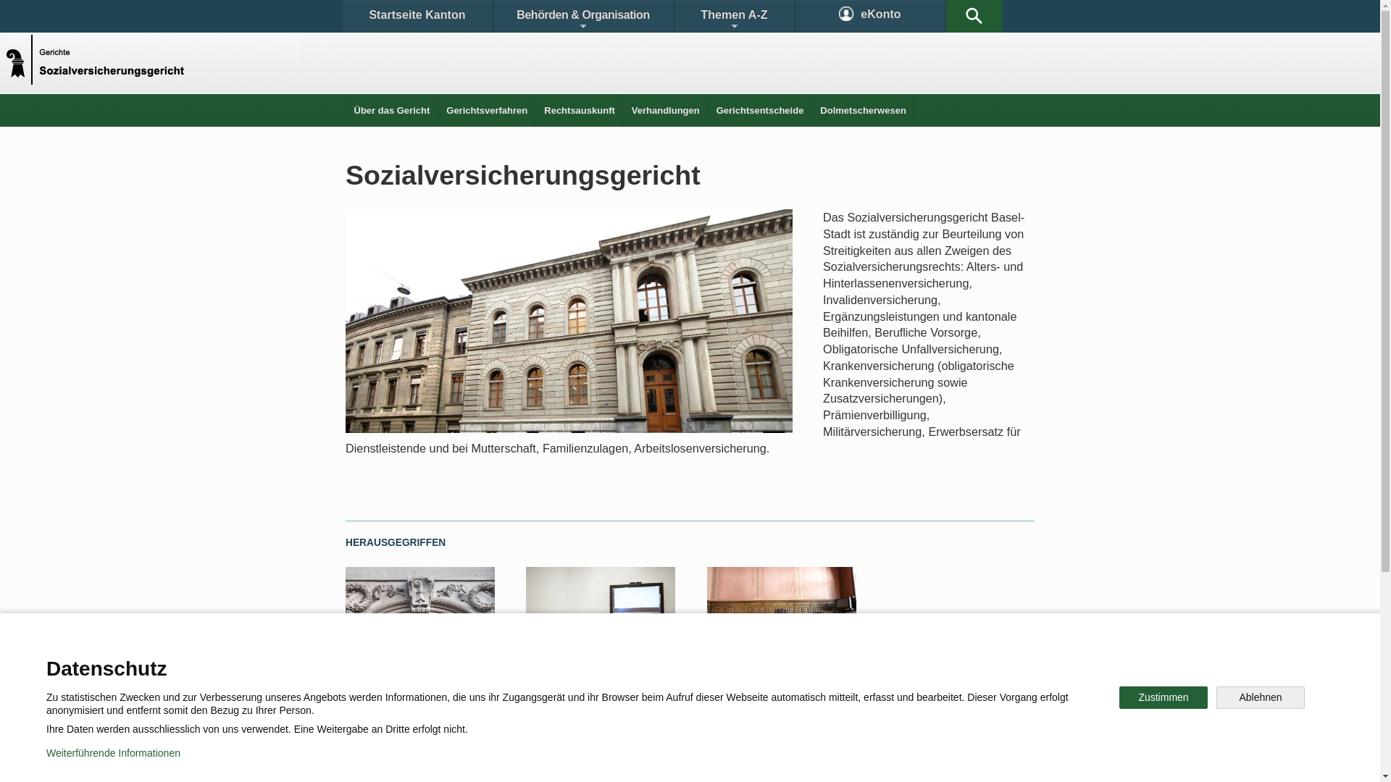 The image size is (1391, 782). I want to click on 'Zur mobilen Ansicht', so click(719, 760).